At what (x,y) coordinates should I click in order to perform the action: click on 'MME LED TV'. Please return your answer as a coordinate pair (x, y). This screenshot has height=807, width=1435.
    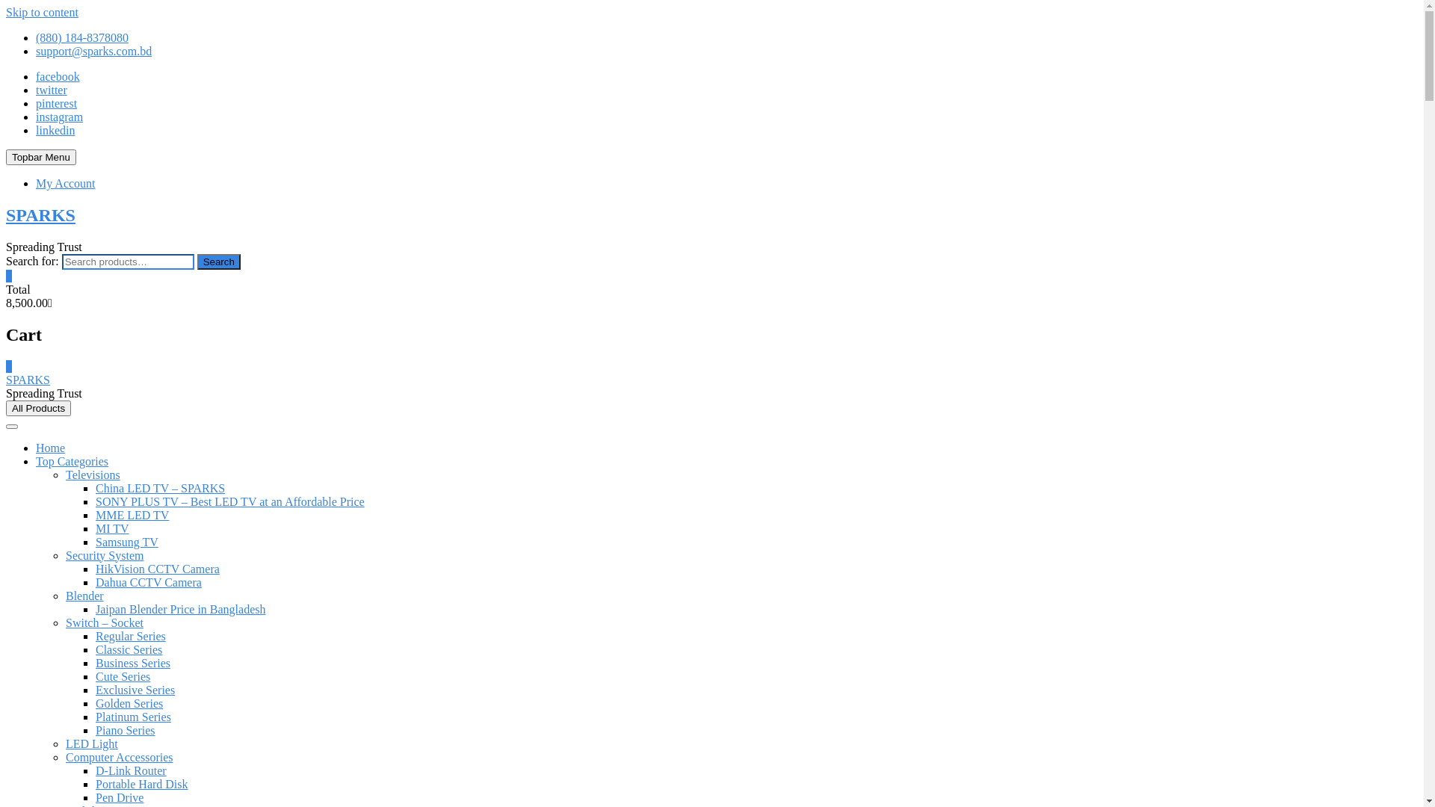
    Looking at the image, I should click on (132, 514).